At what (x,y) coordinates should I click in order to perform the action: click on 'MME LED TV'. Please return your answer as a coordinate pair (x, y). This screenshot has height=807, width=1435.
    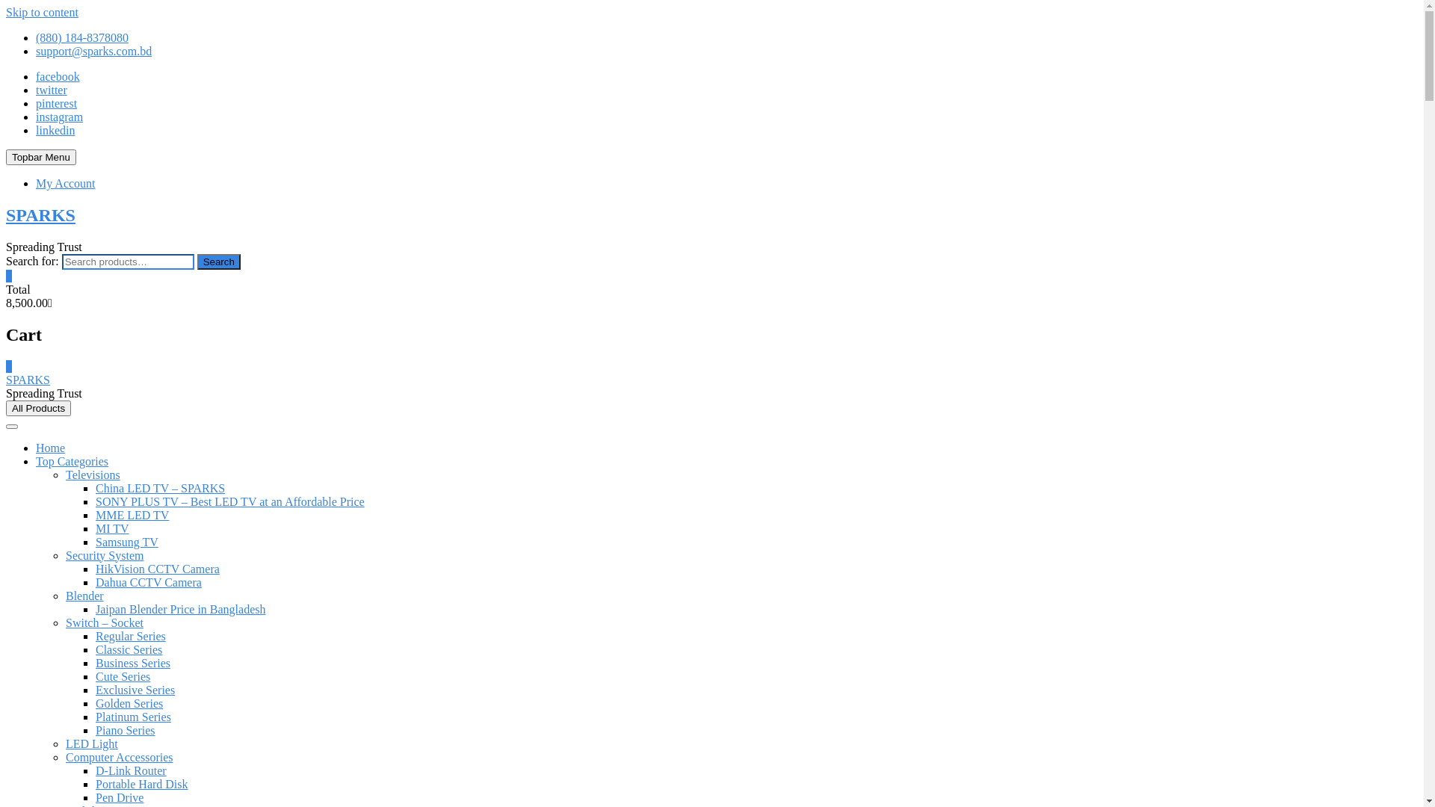
    Looking at the image, I should click on (132, 514).